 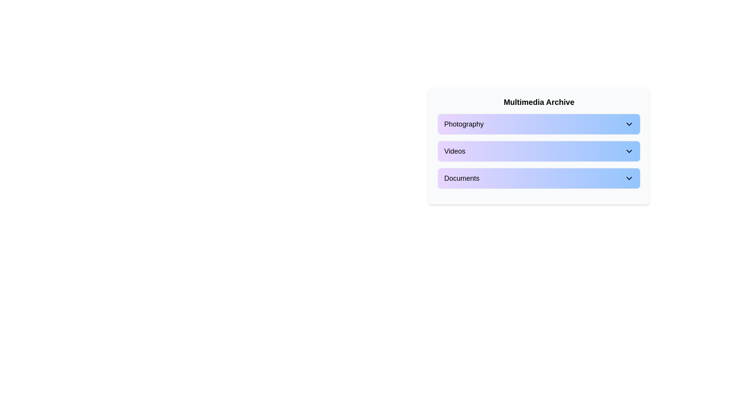 I want to click on the 'Photography' Dropdown button, which is the first entry in the vertically stacked list under 'Multimedia Archive', so click(x=538, y=123).